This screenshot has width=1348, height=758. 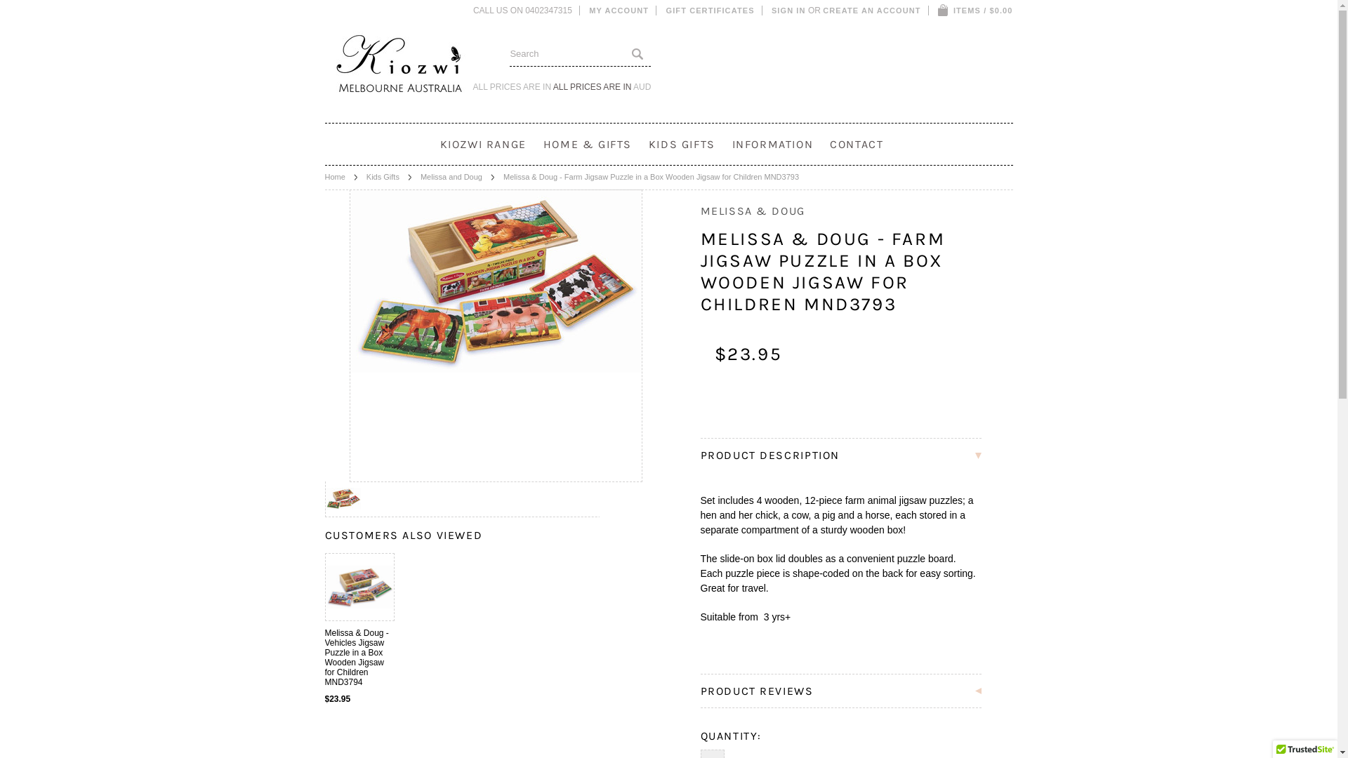 I want to click on 'Melissa and Doug', so click(x=458, y=175).